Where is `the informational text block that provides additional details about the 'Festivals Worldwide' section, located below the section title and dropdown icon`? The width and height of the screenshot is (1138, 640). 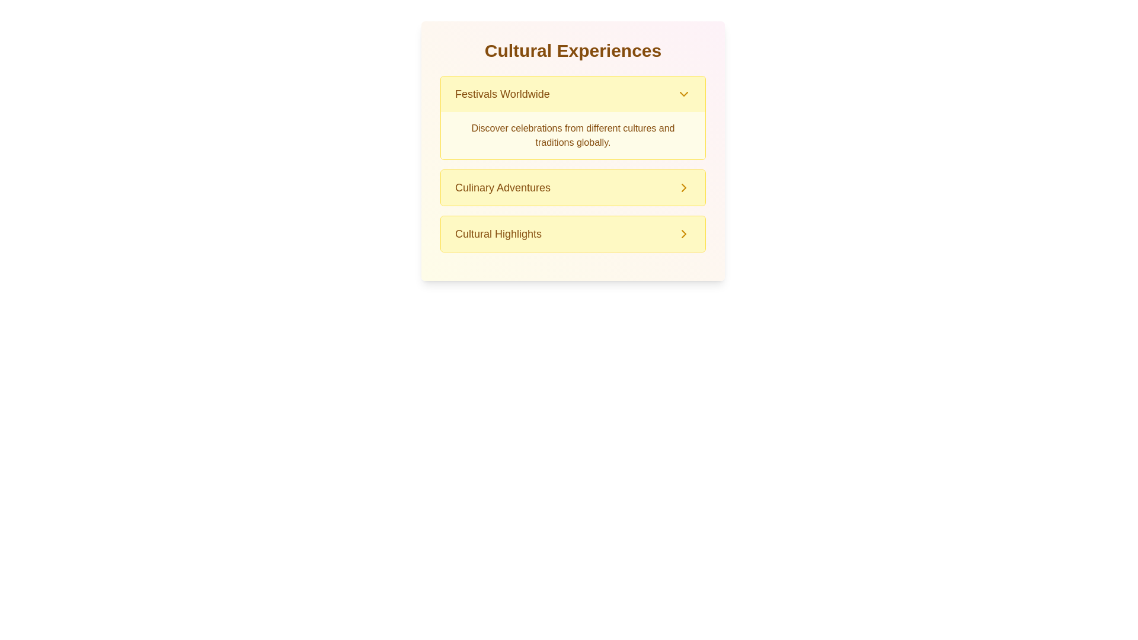 the informational text block that provides additional details about the 'Festivals Worldwide' section, located below the section title and dropdown icon is located at coordinates (573, 135).